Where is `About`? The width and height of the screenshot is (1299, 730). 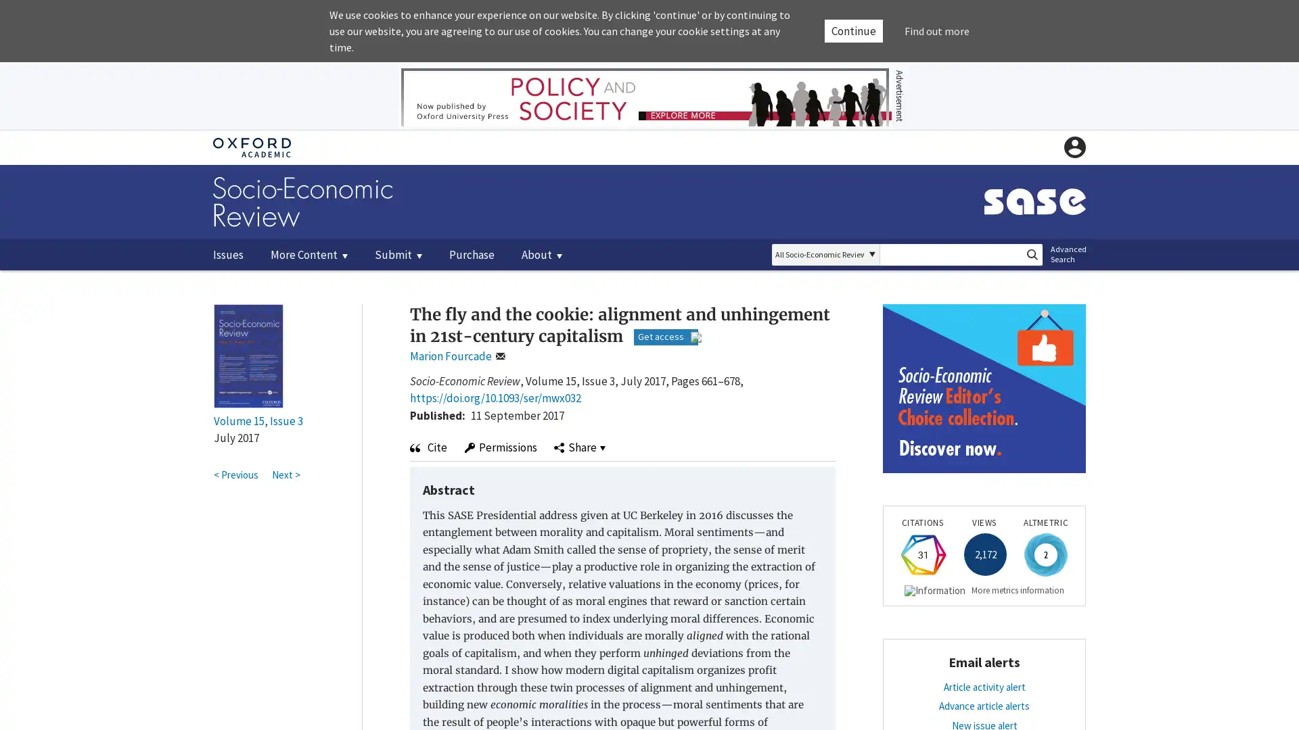
About is located at coordinates (542, 253).